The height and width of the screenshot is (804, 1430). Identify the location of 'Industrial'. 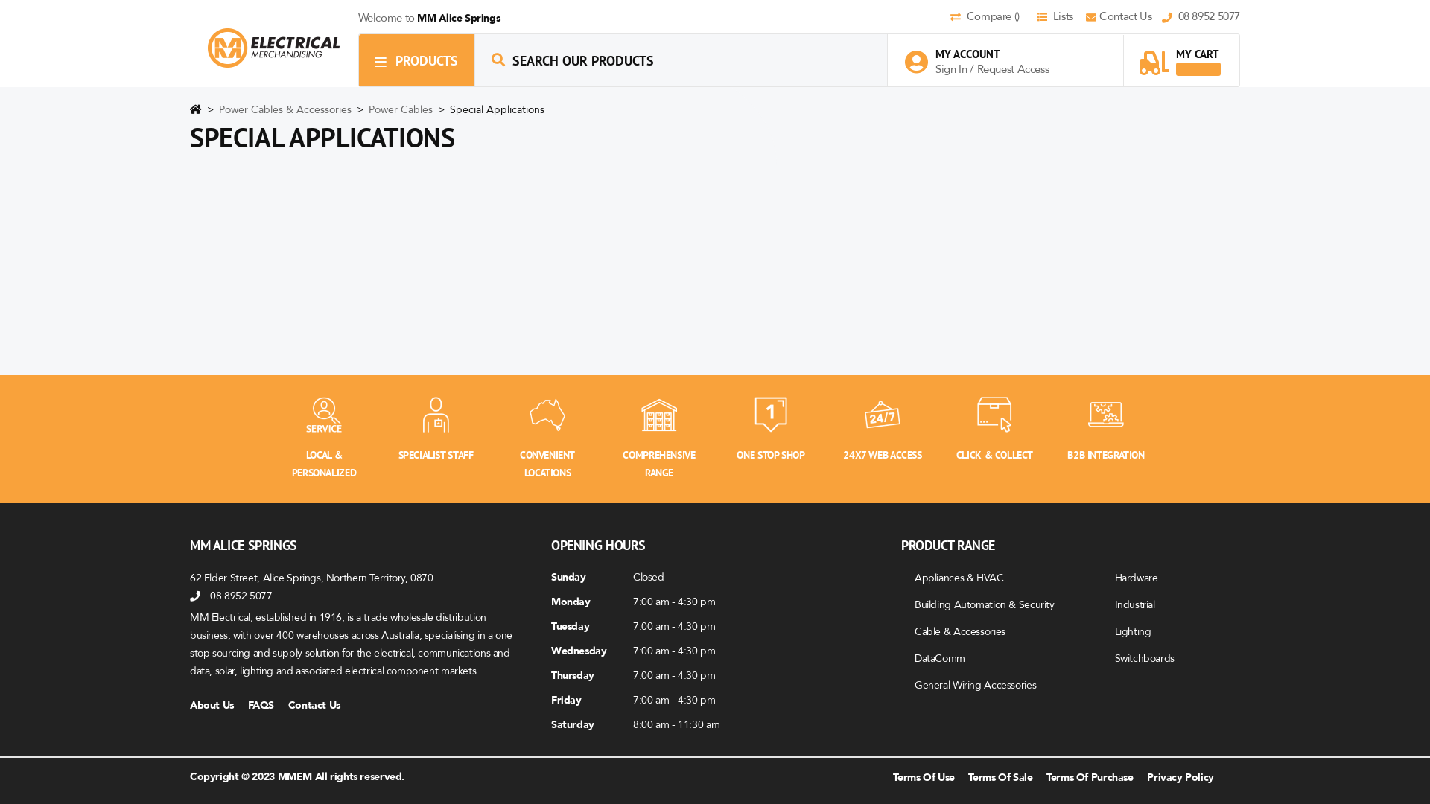
(1114, 604).